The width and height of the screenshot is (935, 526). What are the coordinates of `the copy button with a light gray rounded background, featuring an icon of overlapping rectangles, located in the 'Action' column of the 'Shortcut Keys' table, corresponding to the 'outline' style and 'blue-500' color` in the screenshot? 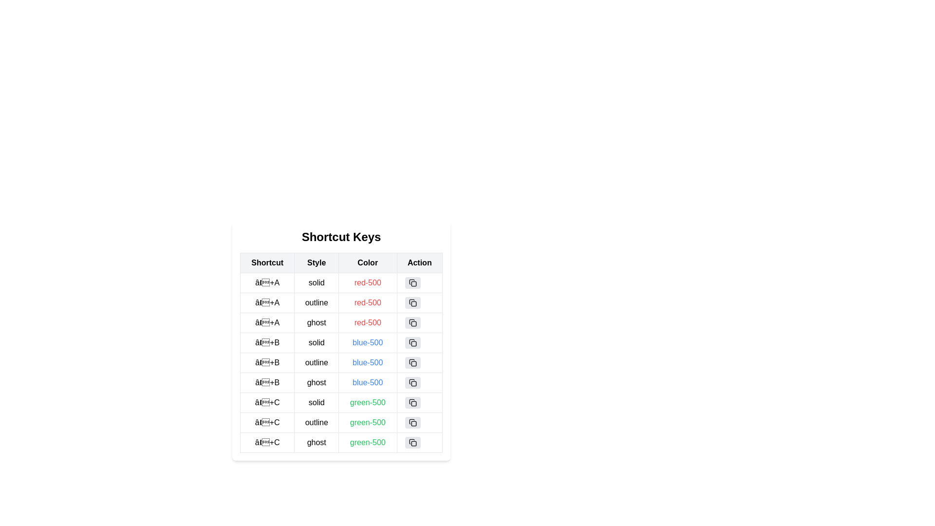 It's located at (412, 362).